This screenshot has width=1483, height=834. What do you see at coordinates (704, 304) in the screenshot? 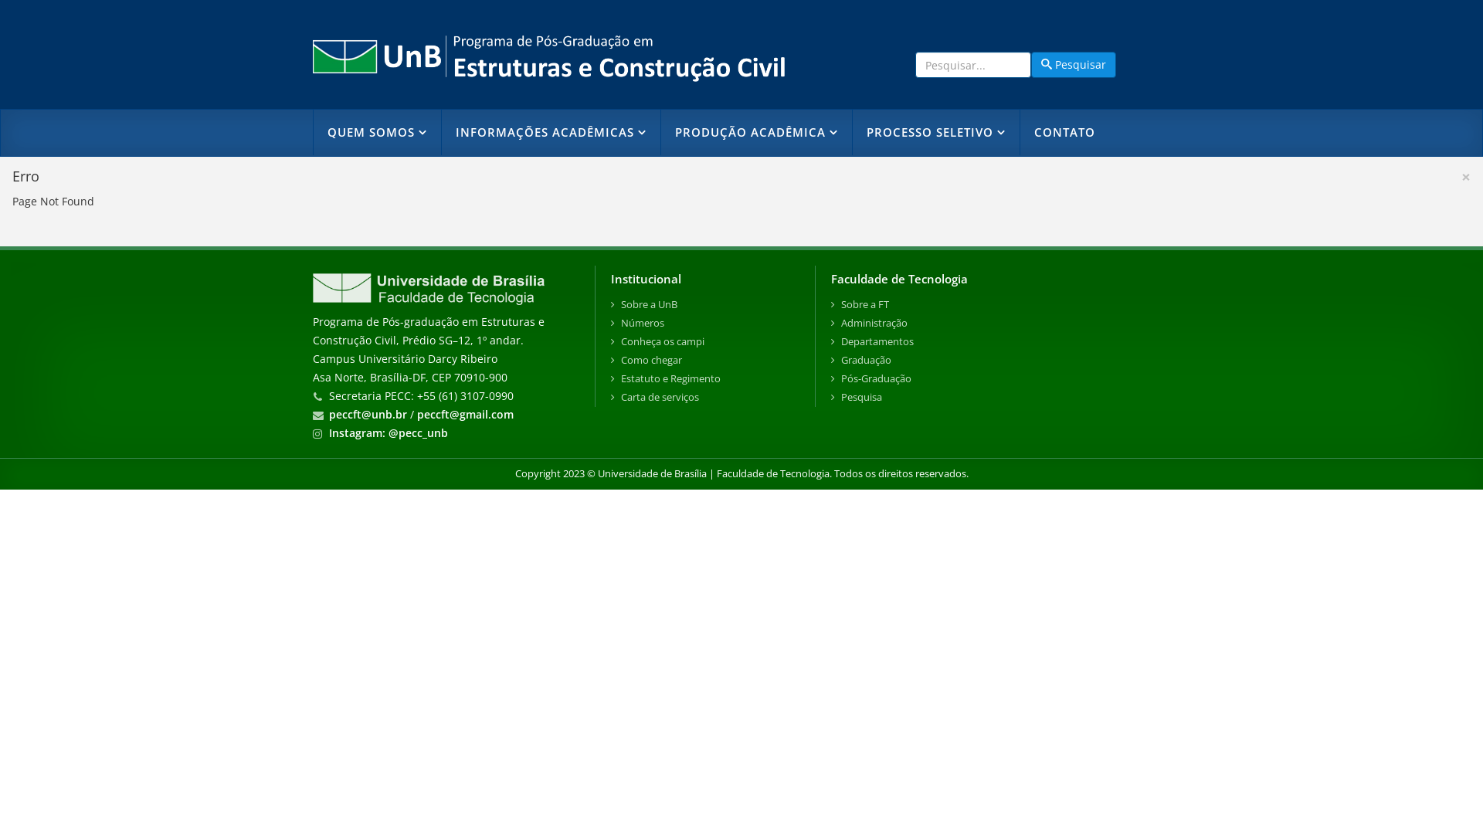
I see `'Sobre a UnB'` at bounding box center [704, 304].